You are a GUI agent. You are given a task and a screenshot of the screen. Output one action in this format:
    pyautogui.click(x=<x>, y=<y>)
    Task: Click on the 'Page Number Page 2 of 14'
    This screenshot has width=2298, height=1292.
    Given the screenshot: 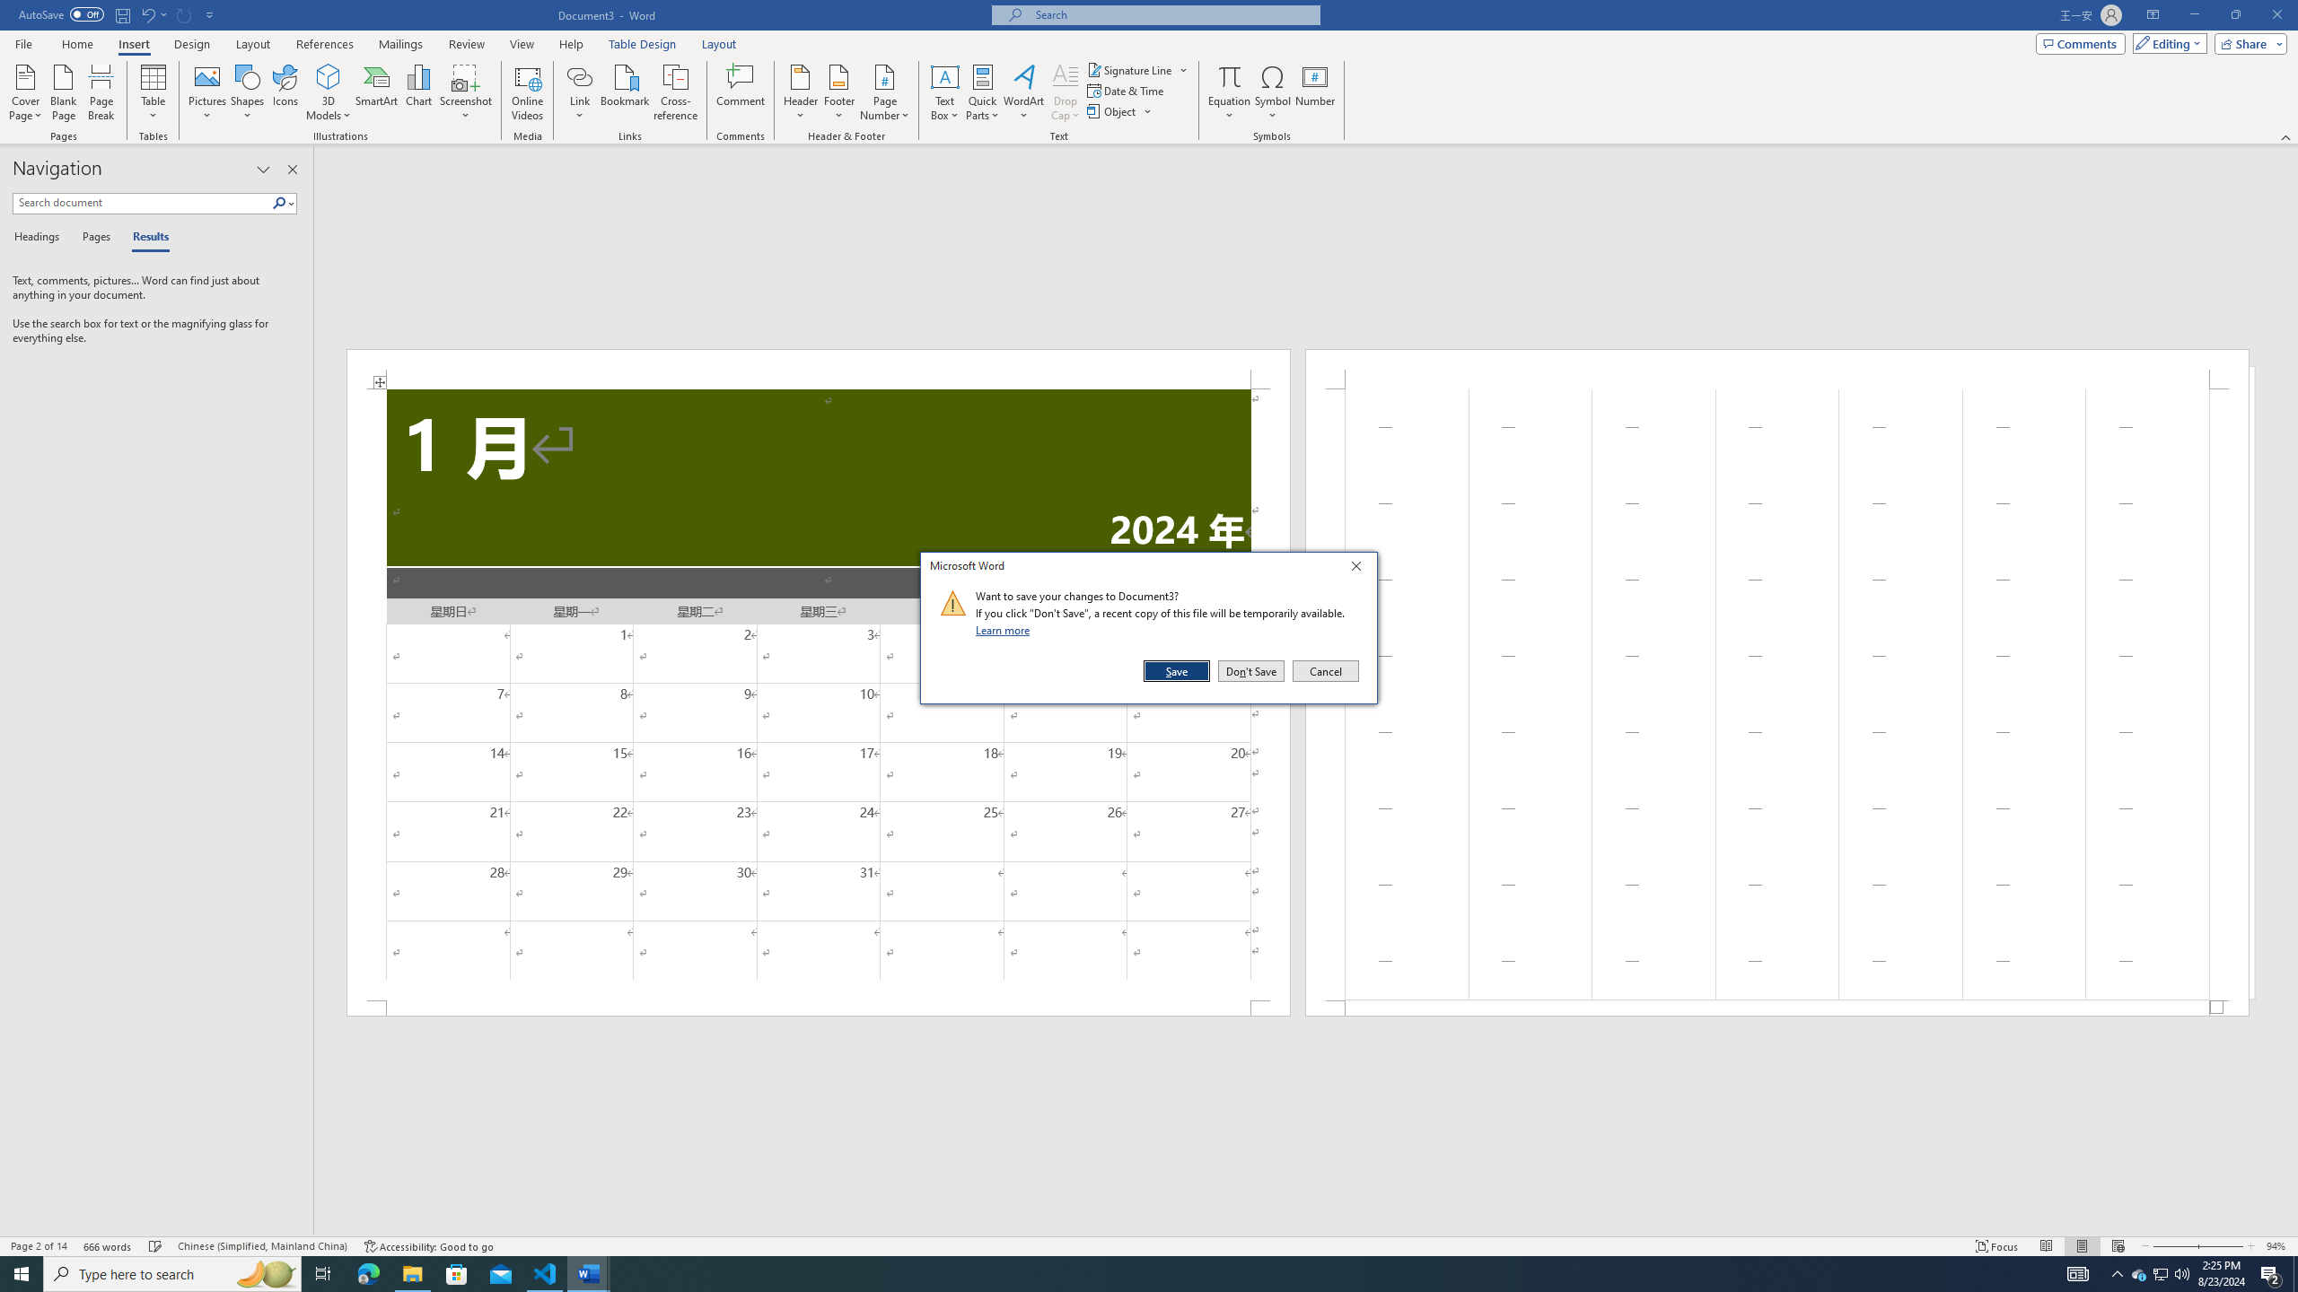 What is the action you would take?
    pyautogui.click(x=38, y=1246)
    